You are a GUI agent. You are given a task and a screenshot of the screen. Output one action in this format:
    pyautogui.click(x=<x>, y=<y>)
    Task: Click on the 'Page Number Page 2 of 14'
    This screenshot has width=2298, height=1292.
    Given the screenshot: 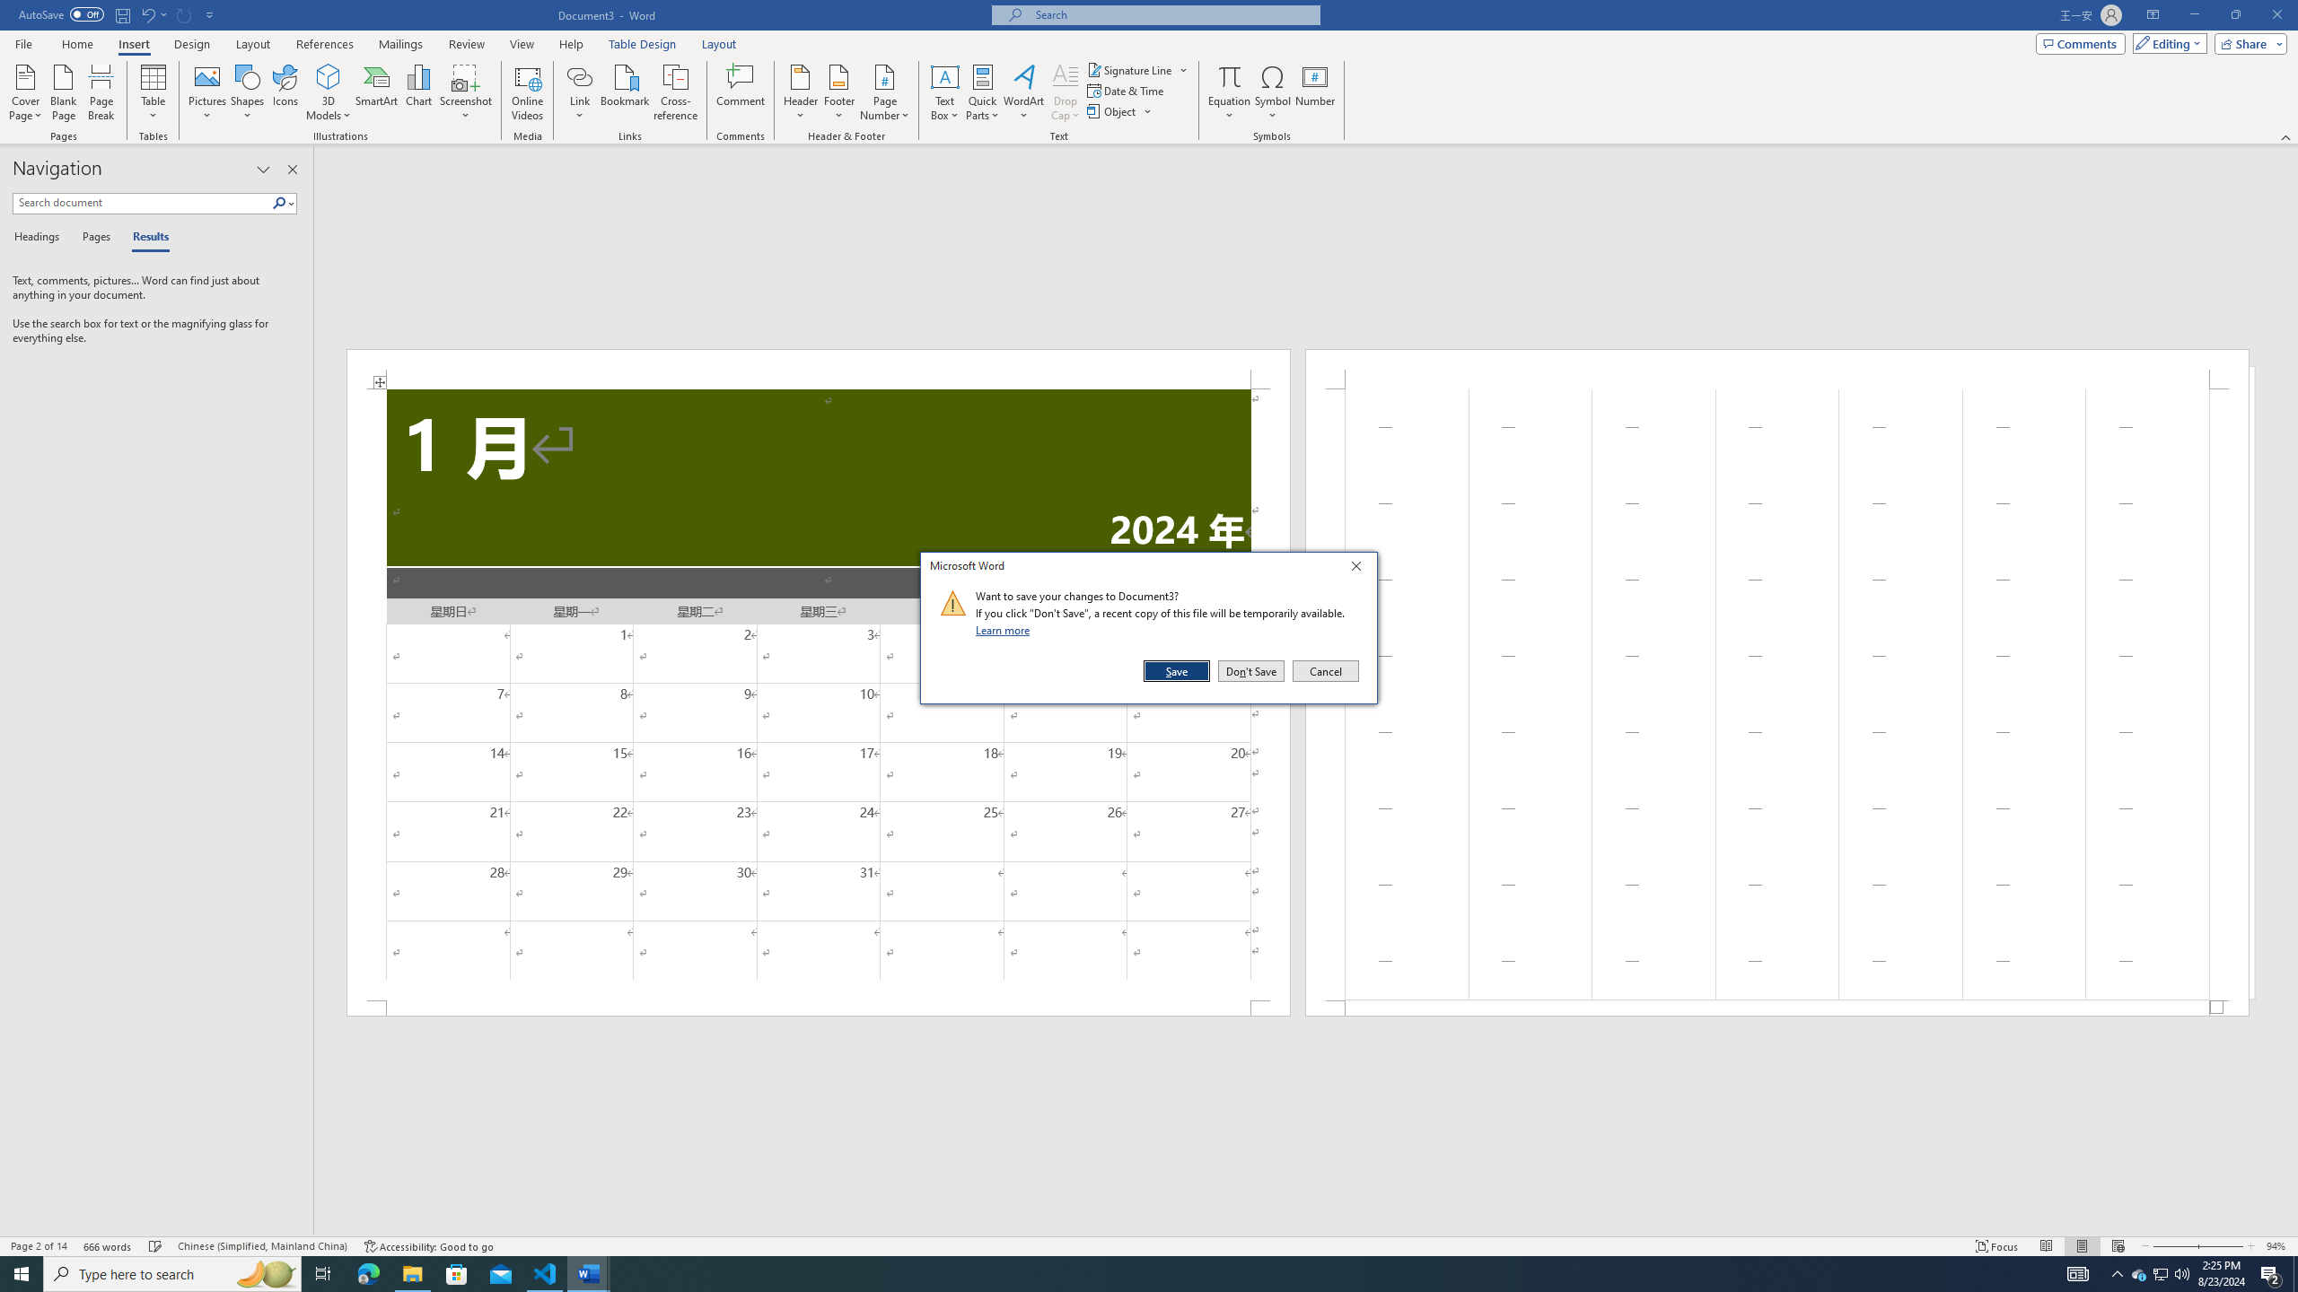 What is the action you would take?
    pyautogui.click(x=38, y=1246)
    